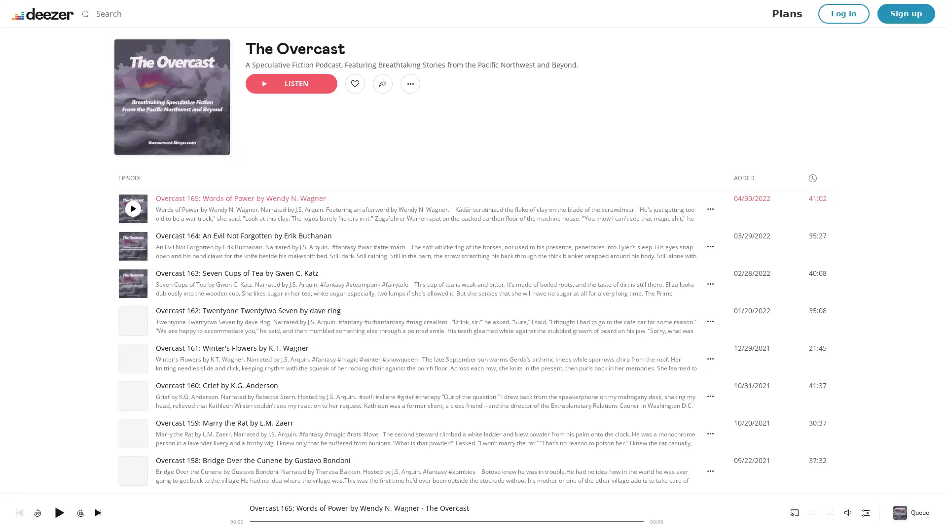  What do you see at coordinates (132, 470) in the screenshot?
I see `Play Overcast 158: Bridge Over the Cunene by Gustavo Bondoni by The Overcast` at bounding box center [132, 470].